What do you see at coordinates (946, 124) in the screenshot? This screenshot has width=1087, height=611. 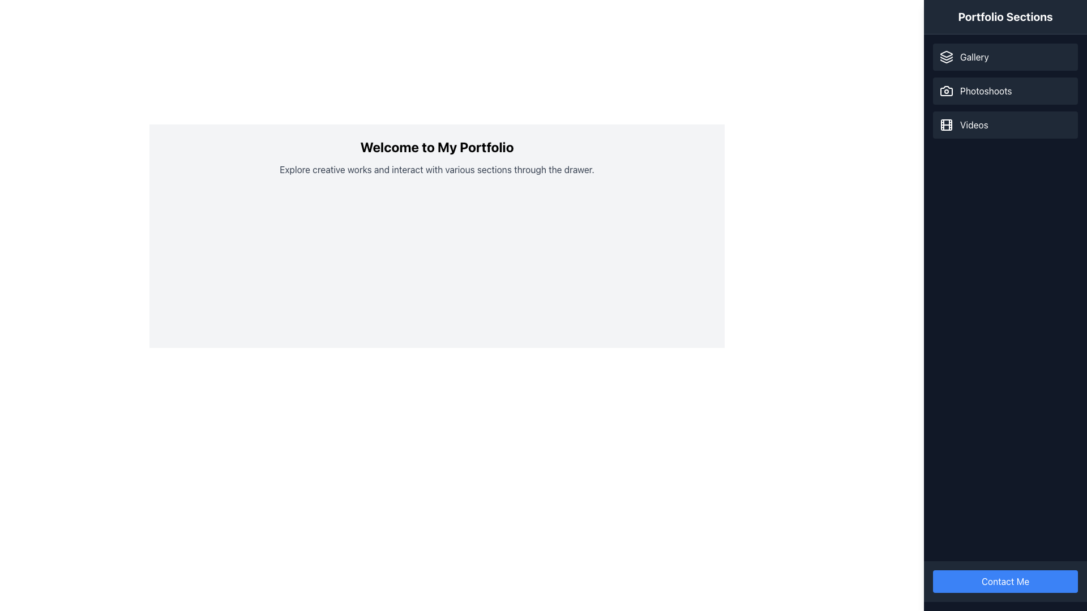 I see `the Icon component, which is a small rectangle with rounded corners representing a filmstrip, located within the SVG structure near the 'Videos' button in the right sidebar` at bounding box center [946, 124].